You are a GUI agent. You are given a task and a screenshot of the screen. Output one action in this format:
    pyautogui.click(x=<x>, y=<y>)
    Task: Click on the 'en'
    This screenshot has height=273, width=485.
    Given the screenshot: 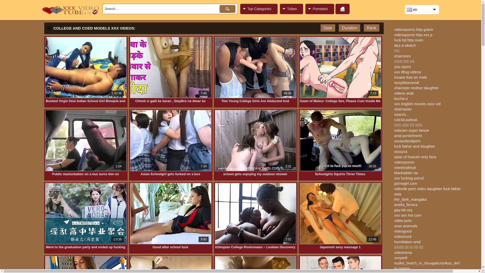 What is the action you would take?
    pyautogui.click(x=422, y=10)
    